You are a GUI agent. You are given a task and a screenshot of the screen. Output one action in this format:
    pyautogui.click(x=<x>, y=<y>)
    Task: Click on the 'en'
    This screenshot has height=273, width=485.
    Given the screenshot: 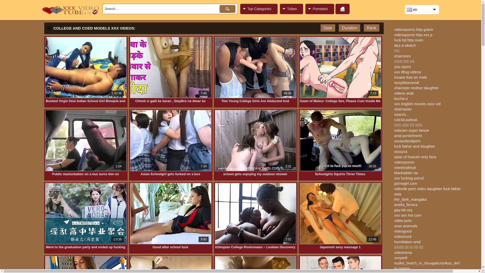 What is the action you would take?
    pyautogui.click(x=422, y=10)
    